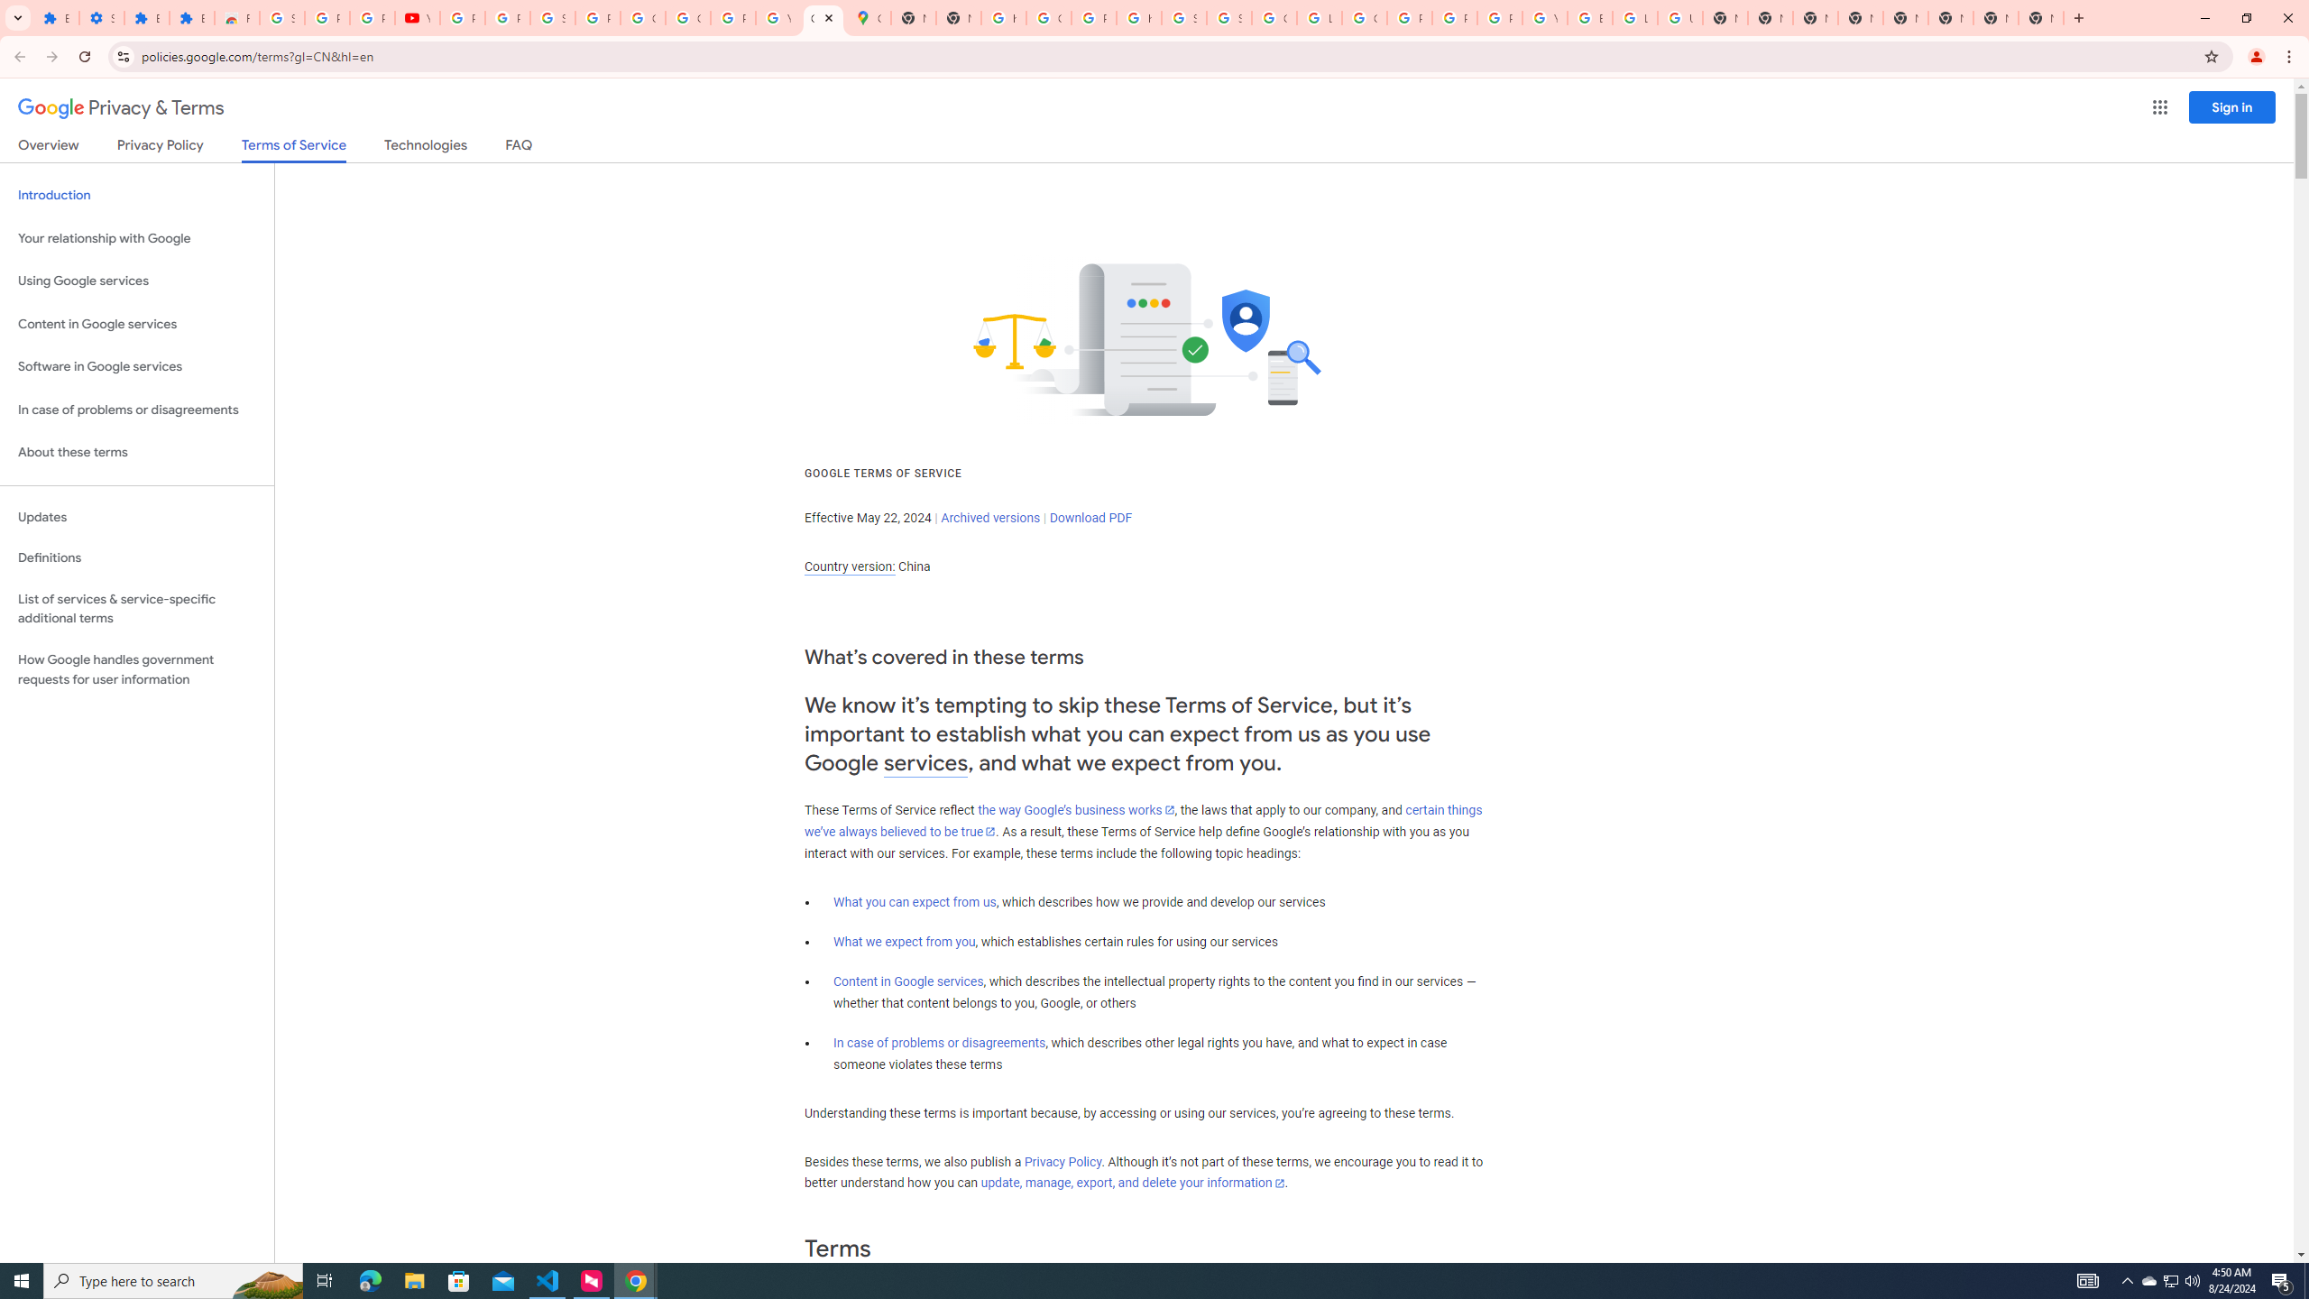 This screenshot has width=2309, height=1299. What do you see at coordinates (136, 452) in the screenshot?
I see `'About these terms'` at bounding box center [136, 452].